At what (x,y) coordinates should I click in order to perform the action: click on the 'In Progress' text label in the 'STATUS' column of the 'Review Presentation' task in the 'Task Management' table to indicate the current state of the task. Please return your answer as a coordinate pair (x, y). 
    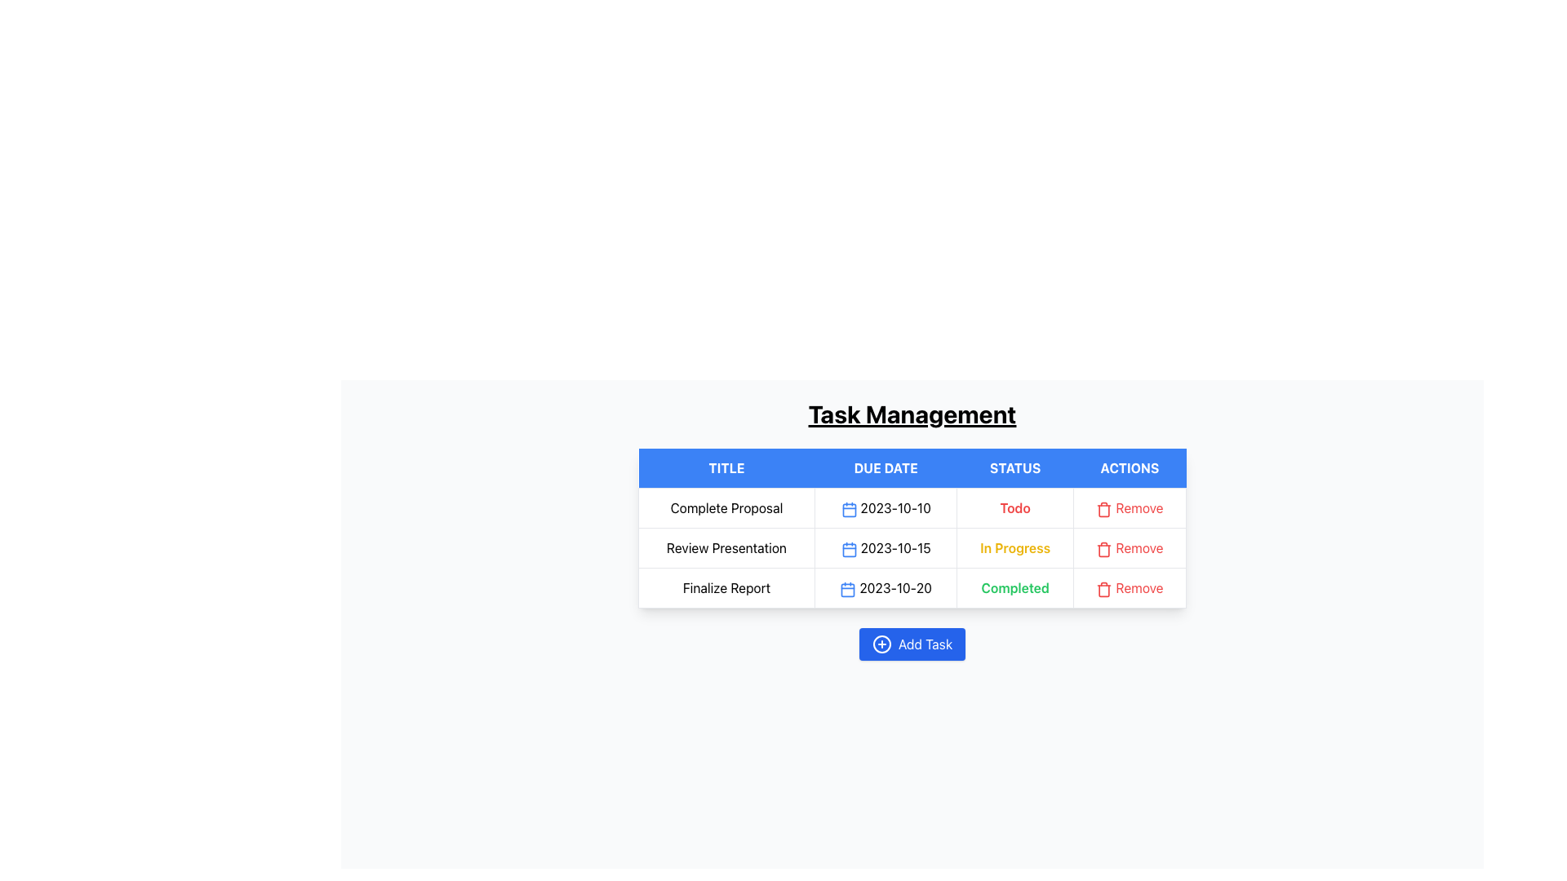
    Looking at the image, I should click on (1014, 547).